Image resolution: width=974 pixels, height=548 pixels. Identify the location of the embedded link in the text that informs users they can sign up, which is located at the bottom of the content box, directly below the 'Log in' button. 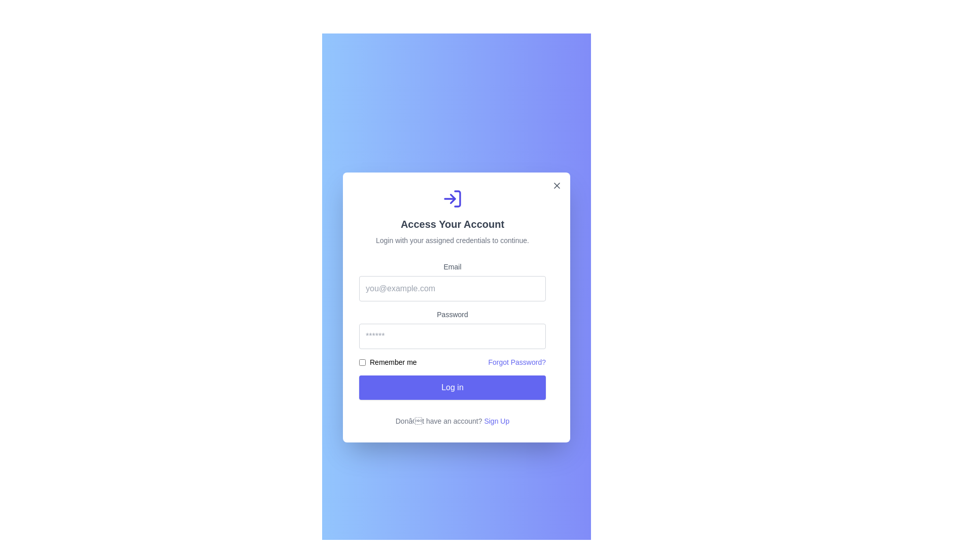
(452, 421).